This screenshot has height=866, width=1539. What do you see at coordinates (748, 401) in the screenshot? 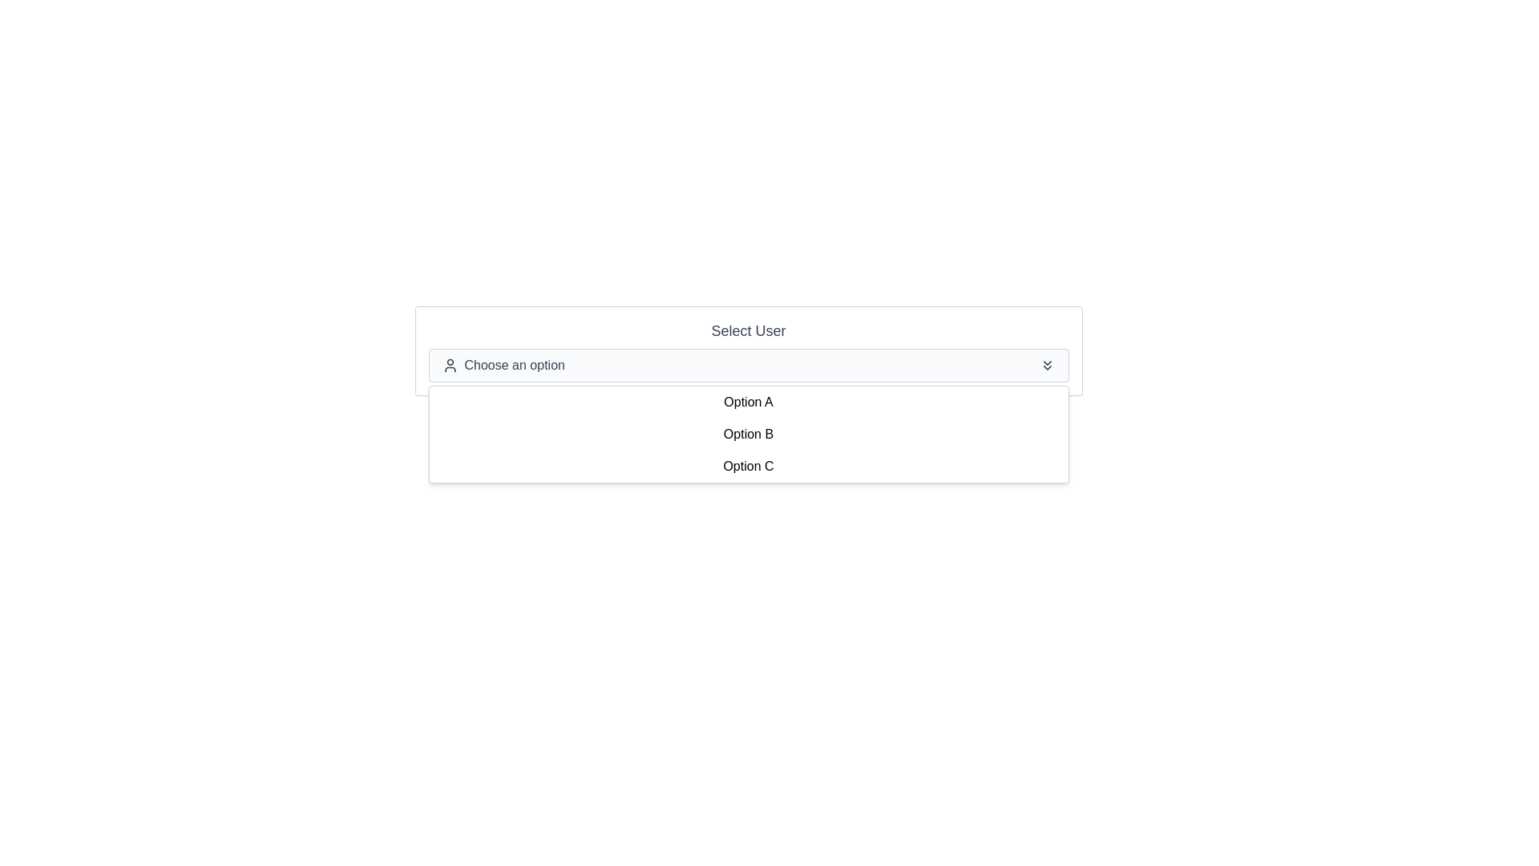
I see `the dropdown item labeled 'Option A' in black font` at bounding box center [748, 401].